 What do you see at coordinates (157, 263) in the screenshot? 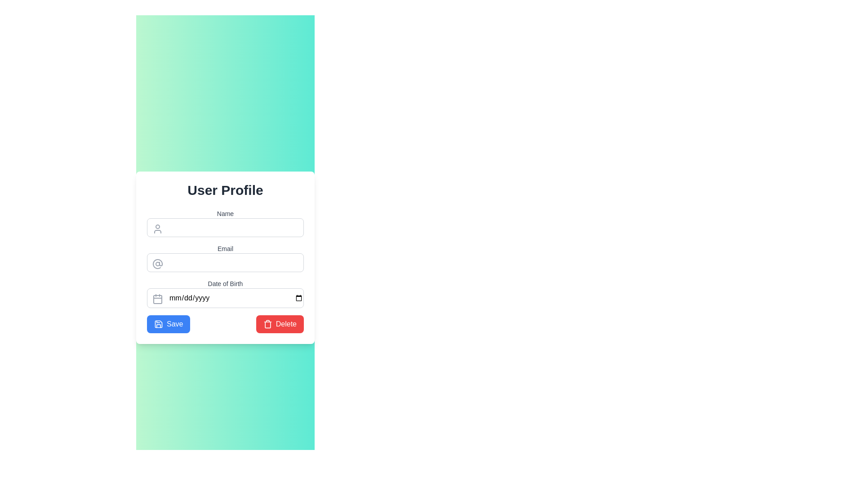
I see `the email input field icon located to the left inside the email input field, near the 'Email' label` at bounding box center [157, 263].